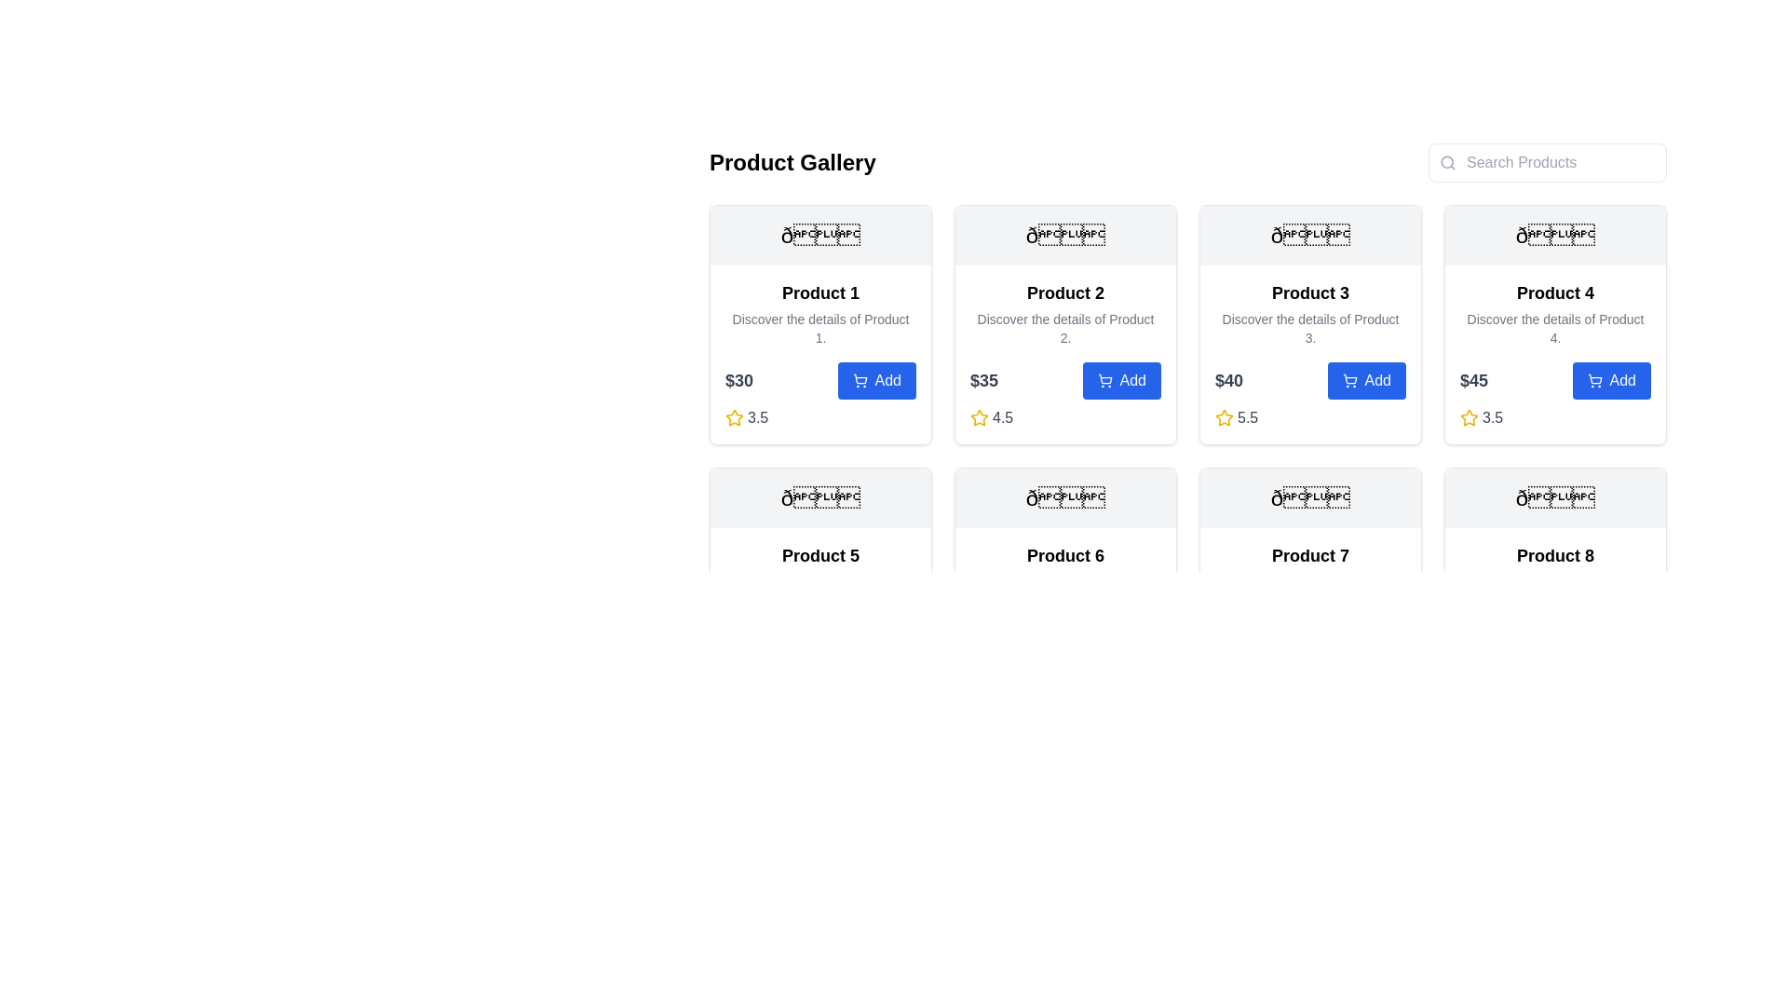 The width and height of the screenshot is (1788, 1006). Describe the element at coordinates (1309, 416) in the screenshot. I see `the Rating display for 'Product 3' that shows a score of '5.5', located below the main product information and to the left of the 'Add' button` at that location.